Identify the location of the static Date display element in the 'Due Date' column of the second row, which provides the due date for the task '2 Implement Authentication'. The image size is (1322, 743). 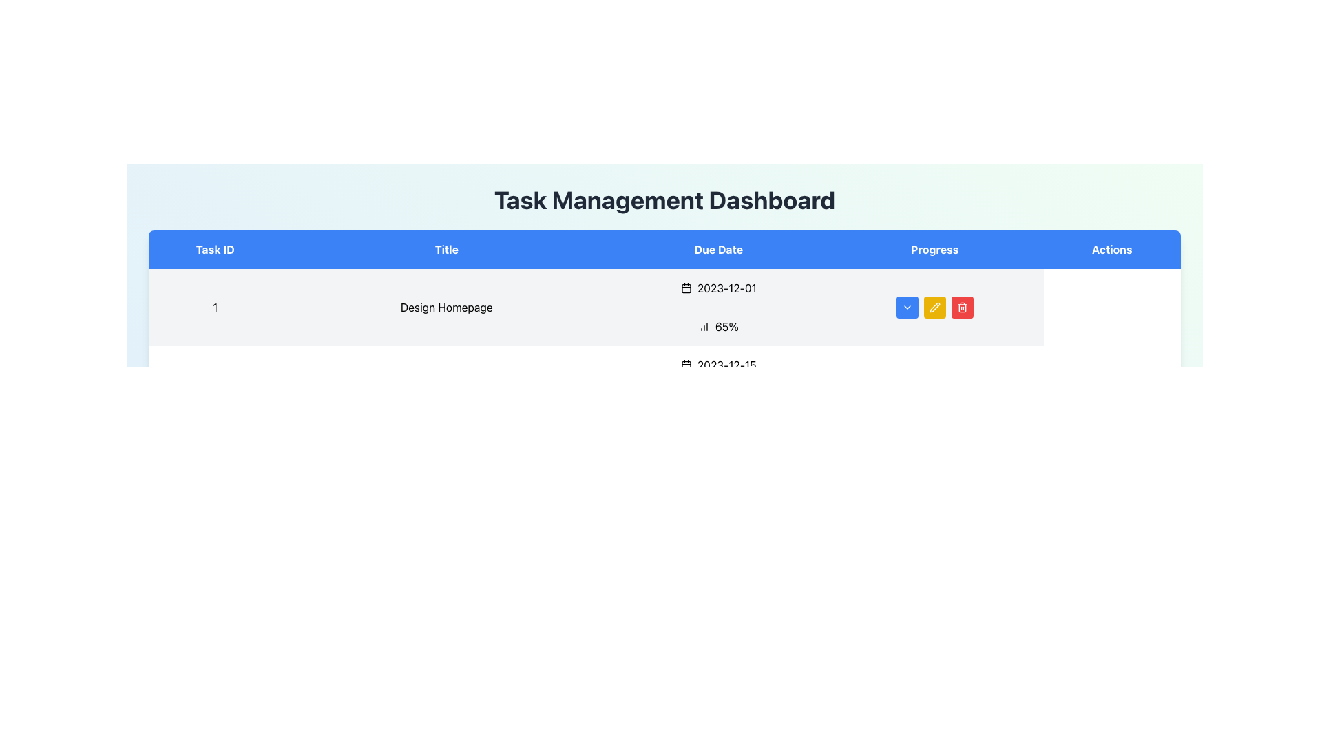
(717, 365).